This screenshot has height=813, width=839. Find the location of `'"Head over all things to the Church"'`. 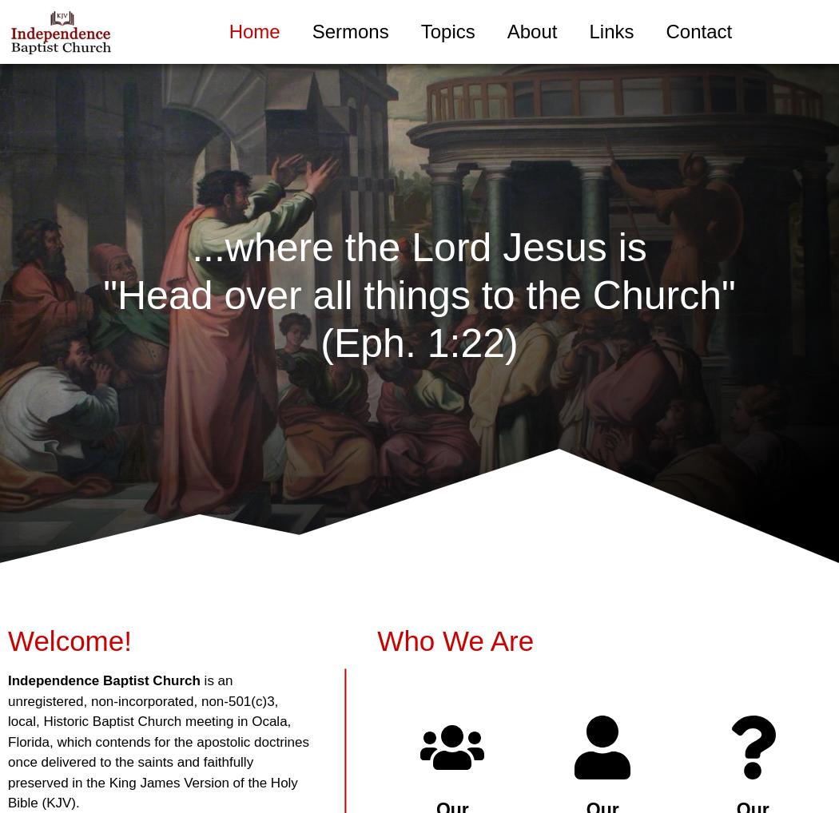

'"Head over all things to the Church"' is located at coordinates (418, 295).